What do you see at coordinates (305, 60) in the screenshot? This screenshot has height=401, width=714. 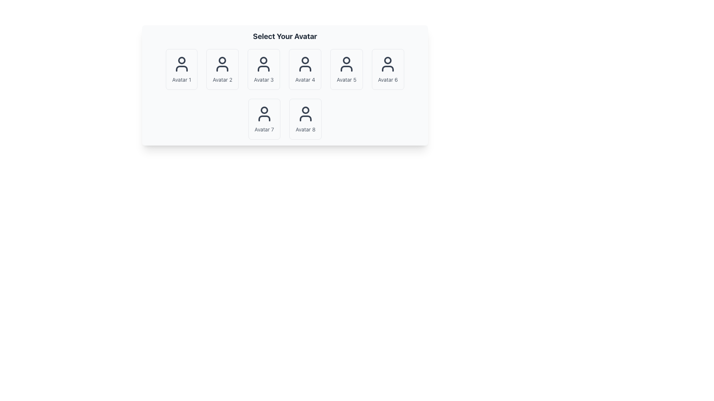 I see `the decorative SVG circle component located at the top-center section of the fourth avatar icon labeled 'Avatar 4' in the avatar selection grid` at bounding box center [305, 60].